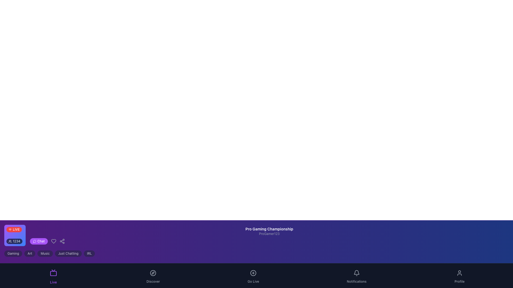  I want to click on the 'Live' navigation button located in the bottom navigation bar, which is the first icon from the left under the label 'Live', so click(53, 273).